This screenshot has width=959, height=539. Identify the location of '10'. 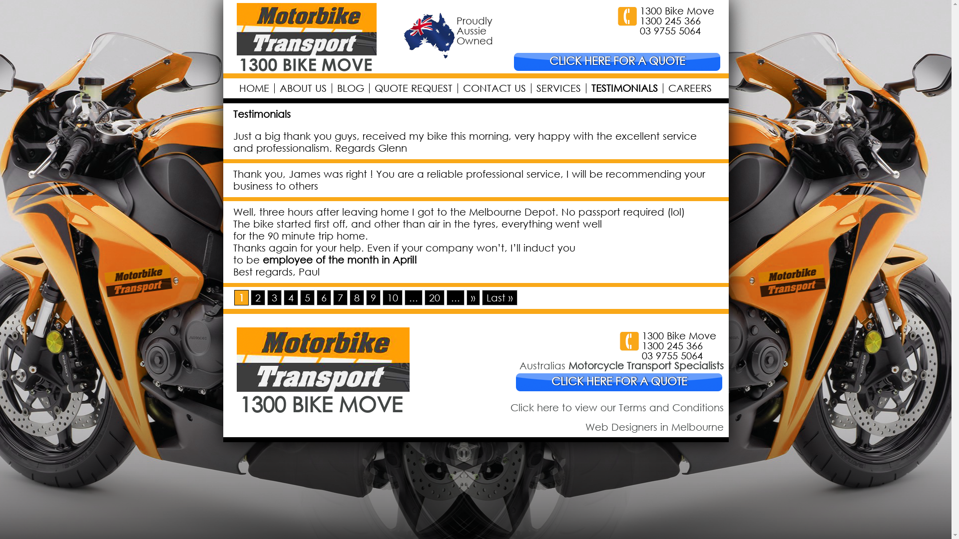
(392, 297).